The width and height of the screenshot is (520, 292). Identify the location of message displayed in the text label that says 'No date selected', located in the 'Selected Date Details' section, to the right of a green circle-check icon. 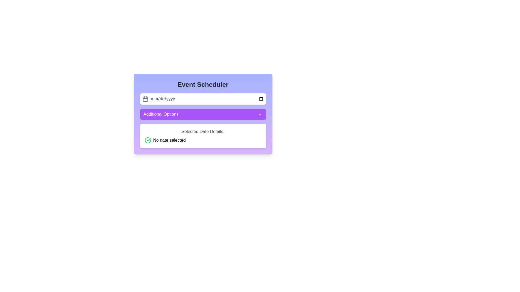
(169, 140).